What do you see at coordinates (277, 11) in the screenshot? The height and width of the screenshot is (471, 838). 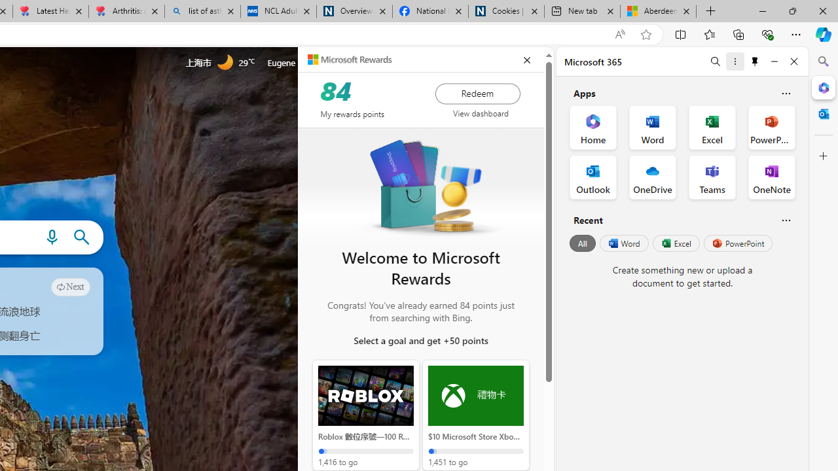 I see `'NCL Adult Asthma Inhaler Choice Guideline'` at bounding box center [277, 11].